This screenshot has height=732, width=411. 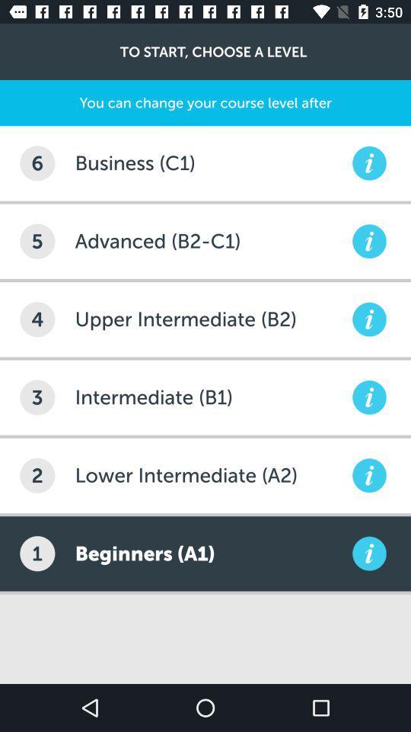 I want to click on more information, so click(x=368, y=241).